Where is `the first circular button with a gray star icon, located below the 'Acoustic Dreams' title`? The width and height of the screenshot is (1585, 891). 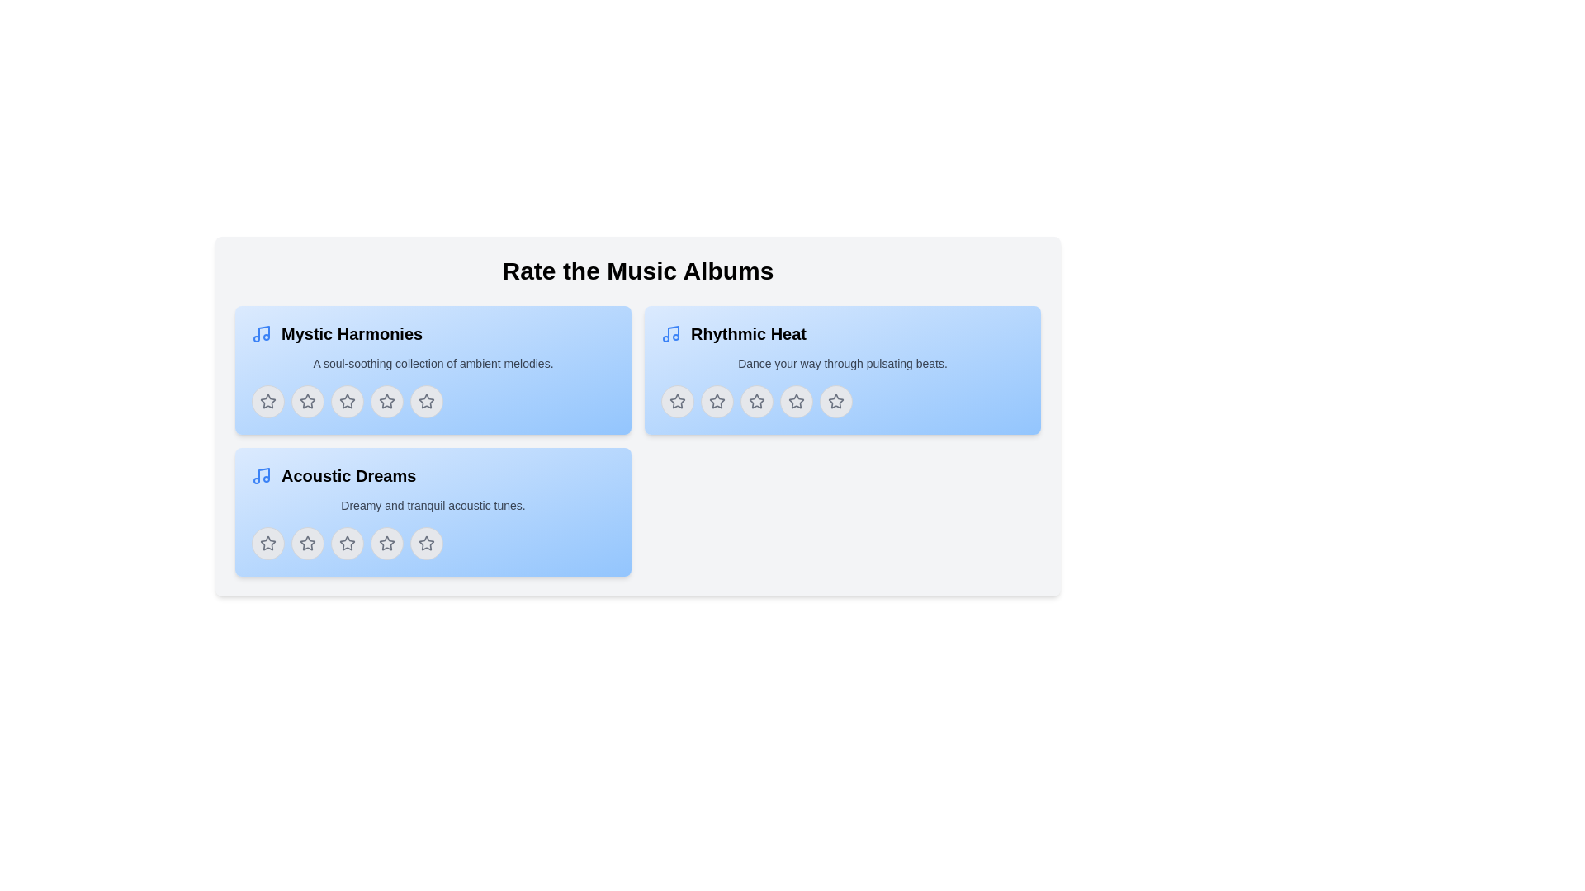
the first circular button with a gray star icon, located below the 'Acoustic Dreams' title is located at coordinates (268, 544).